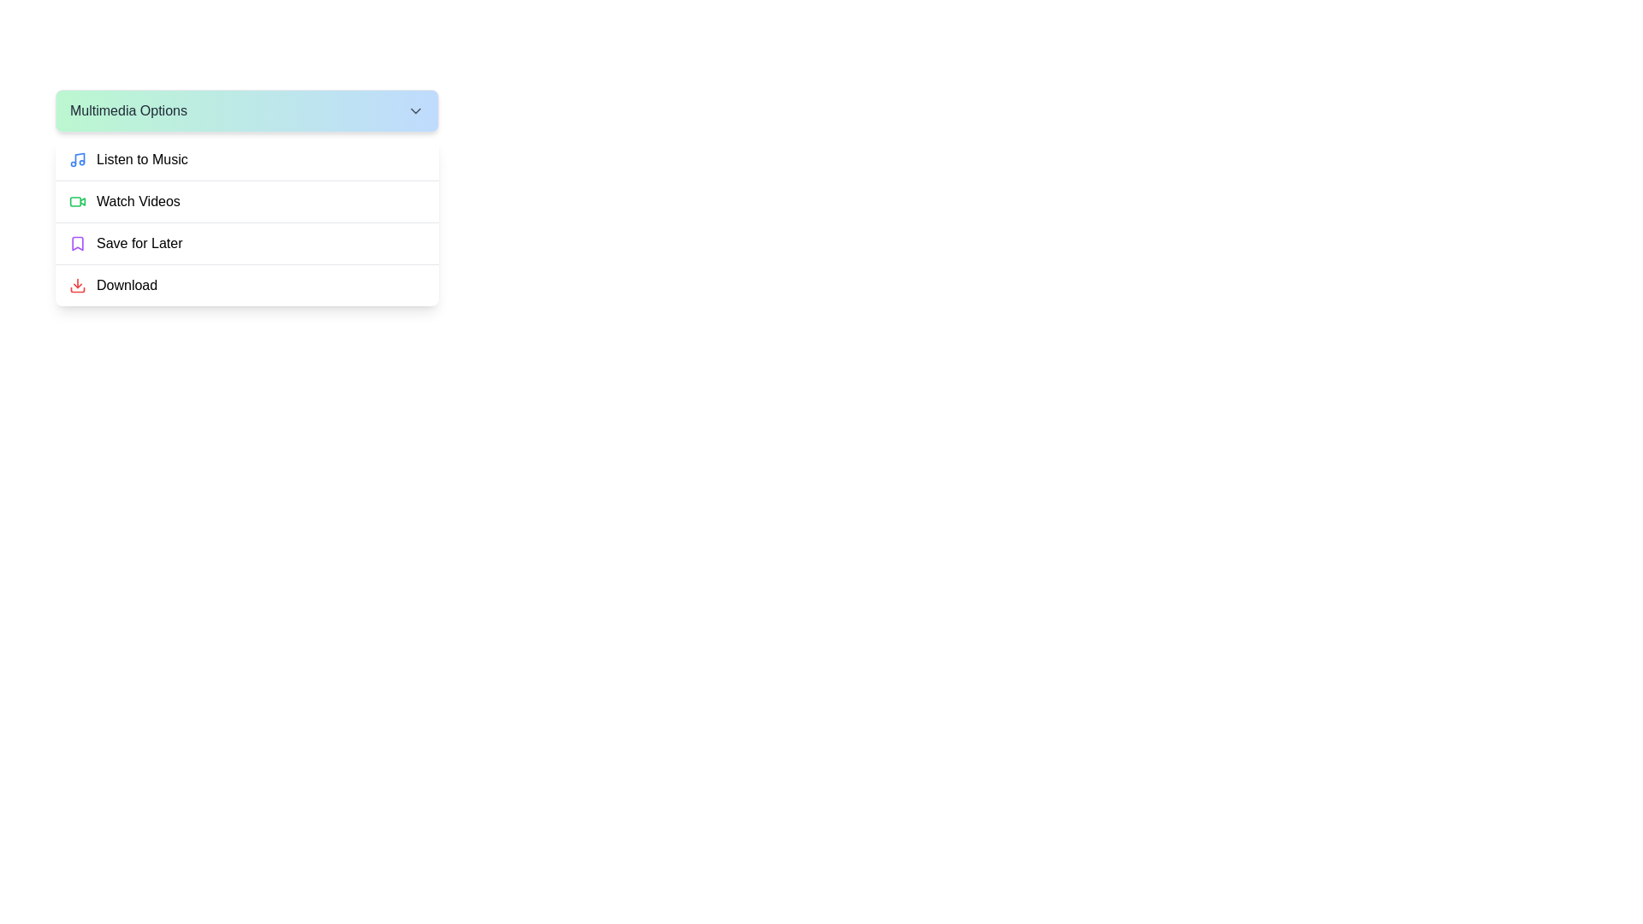  Describe the element at coordinates (77, 285) in the screenshot. I see `the downward-pointing arrow SVG icon styled with a red stroke, located beside the 'Download' text label in the 'Multimedia Options' dropdown` at that location.